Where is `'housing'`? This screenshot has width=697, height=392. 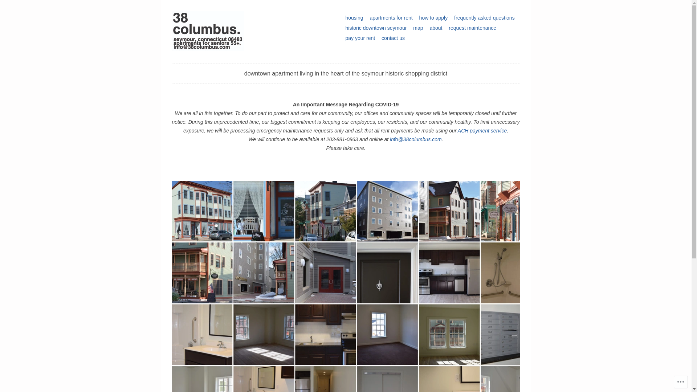
'housing' is located at coordinates (354, 17).